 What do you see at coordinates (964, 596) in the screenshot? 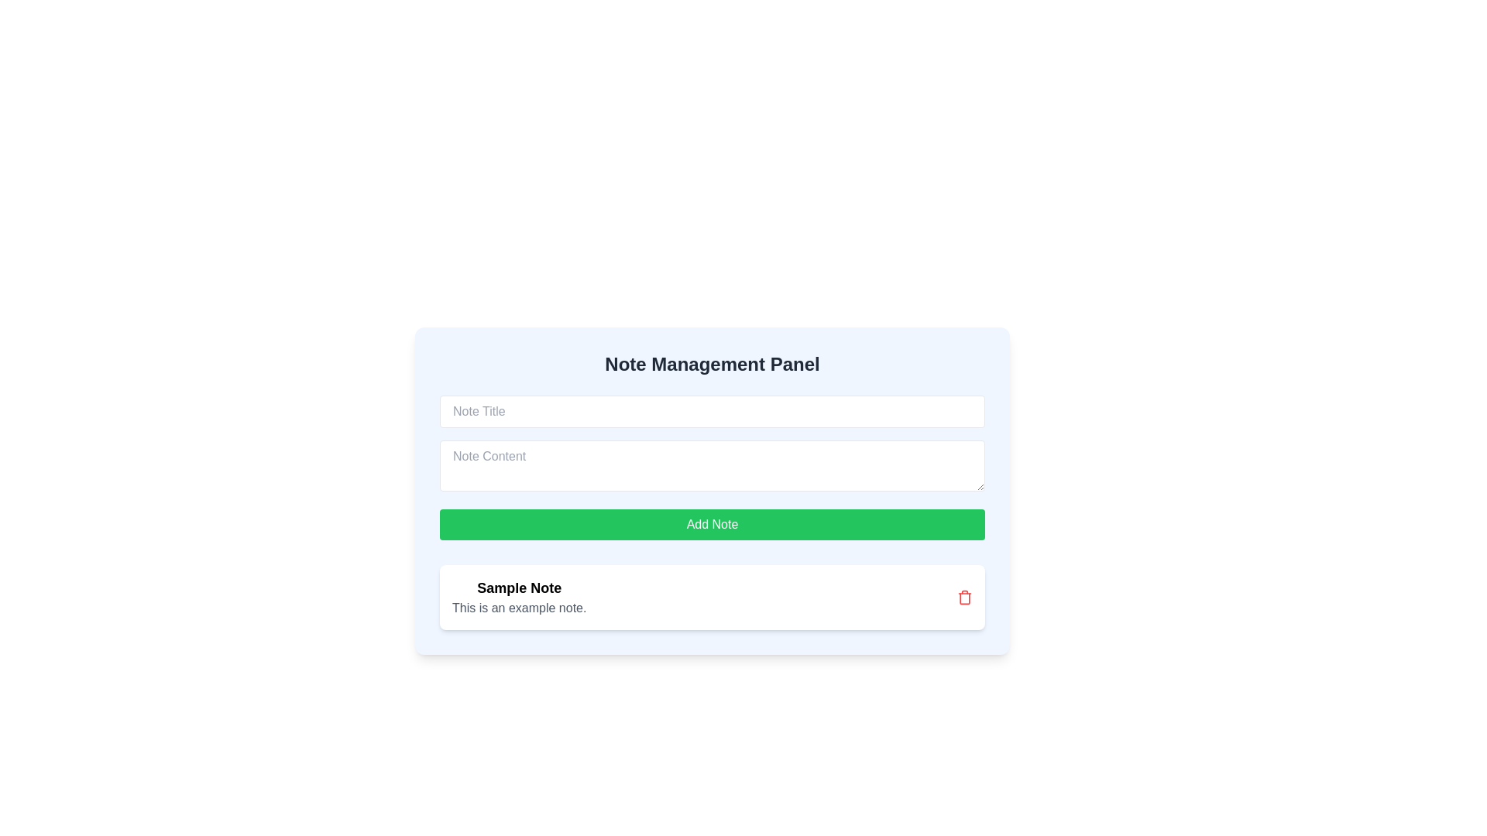
I see `the red trash can icon located at the rightmost end of the note entry labeled 'Sample Note'` at bounding box center [964, 596].